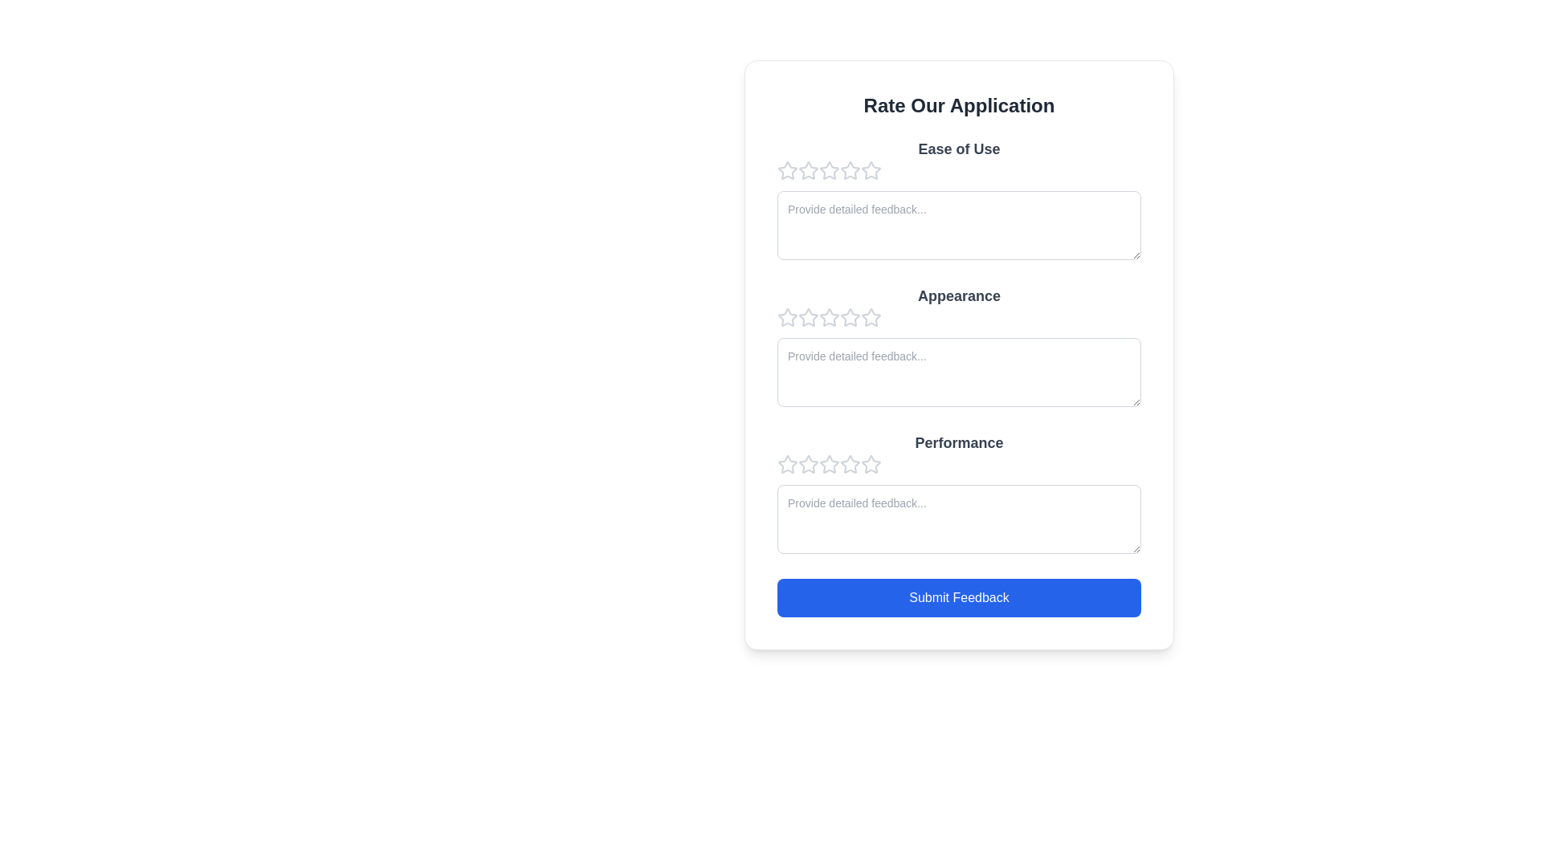 The width and height of the screenshot is (1542, 867). What do you see at coordinates (848, 170) in the screenshot?
I see `the second star icon in the rating section to rate the application` at bounding box center [848, 170].